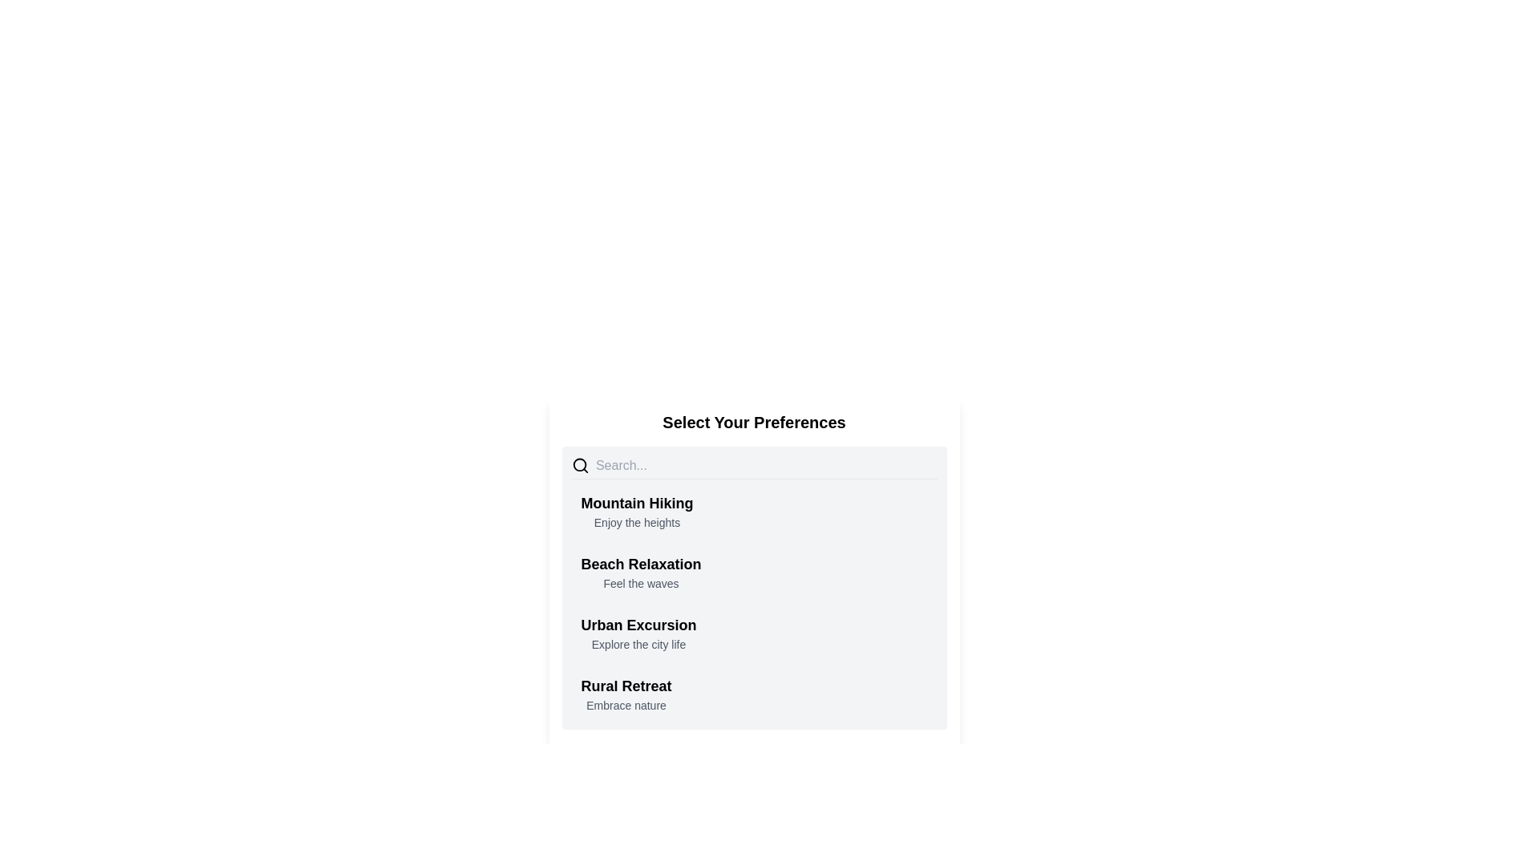  I want to click on the 'Rural Retreat' list item, which is the fourth item in the preferences list, so click(753, 694).